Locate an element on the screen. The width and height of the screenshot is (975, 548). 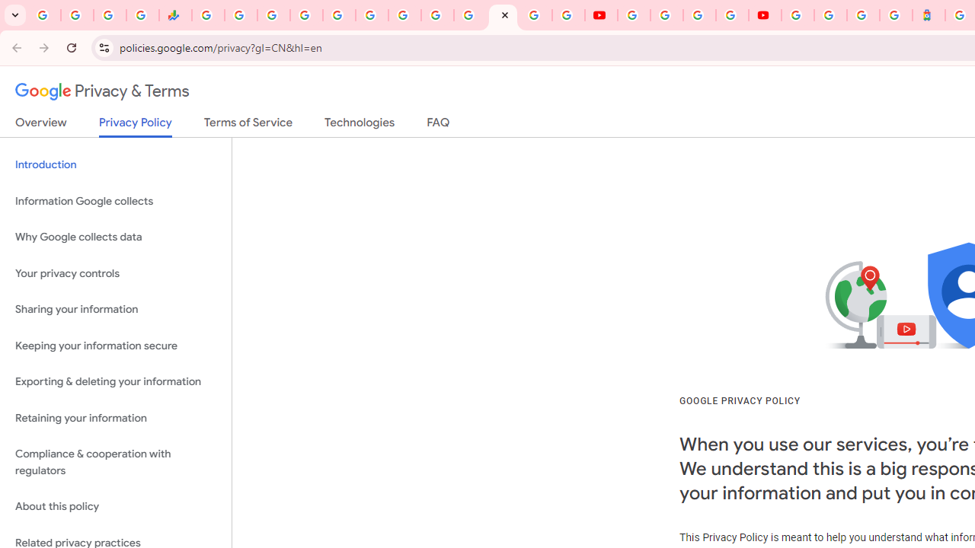
'Your privacy controls' is located at coordinates (115, 272).